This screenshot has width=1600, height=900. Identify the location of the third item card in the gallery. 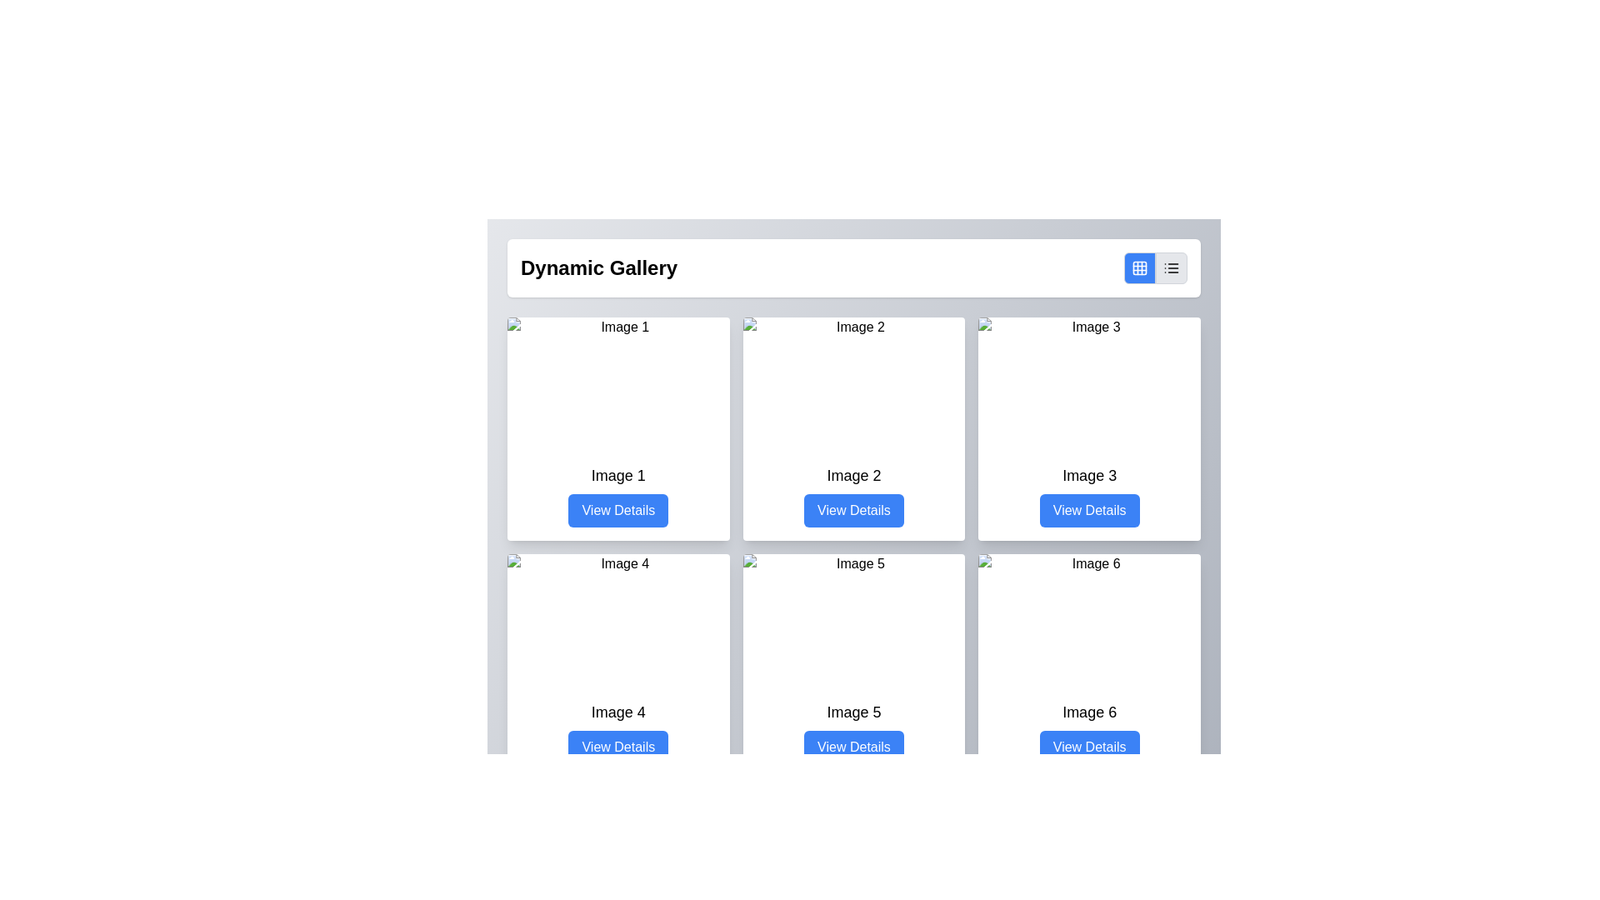
(1089, 428).